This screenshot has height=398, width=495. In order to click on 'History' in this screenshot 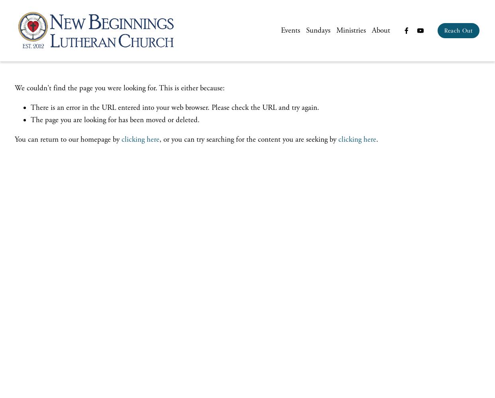, I will do `click(367, 58)`.